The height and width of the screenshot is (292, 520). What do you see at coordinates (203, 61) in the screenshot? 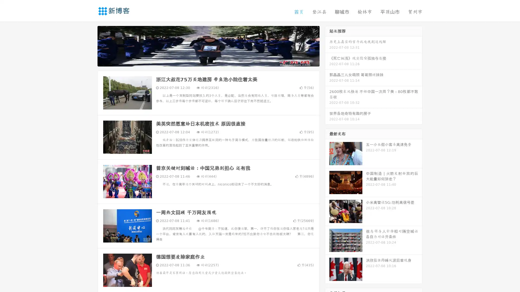
I see `Go to slide 1` at bounding box center [203, 61].